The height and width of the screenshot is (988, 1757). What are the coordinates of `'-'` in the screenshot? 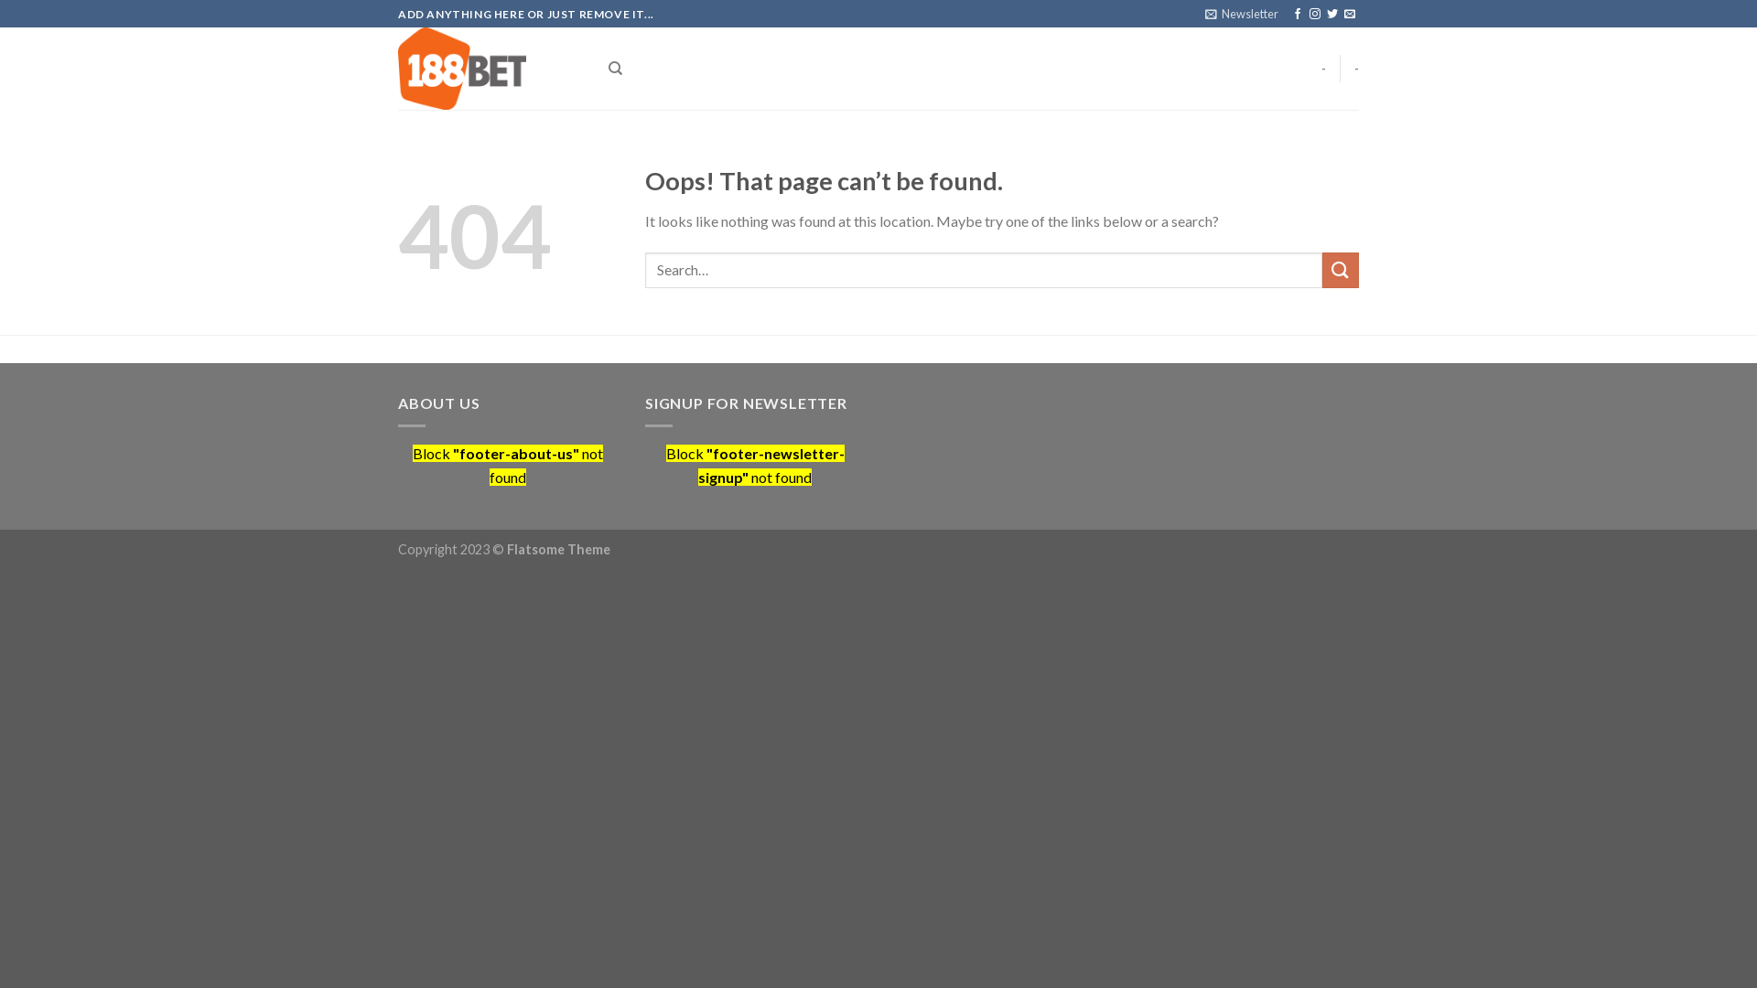 It's located at (1353, 67).